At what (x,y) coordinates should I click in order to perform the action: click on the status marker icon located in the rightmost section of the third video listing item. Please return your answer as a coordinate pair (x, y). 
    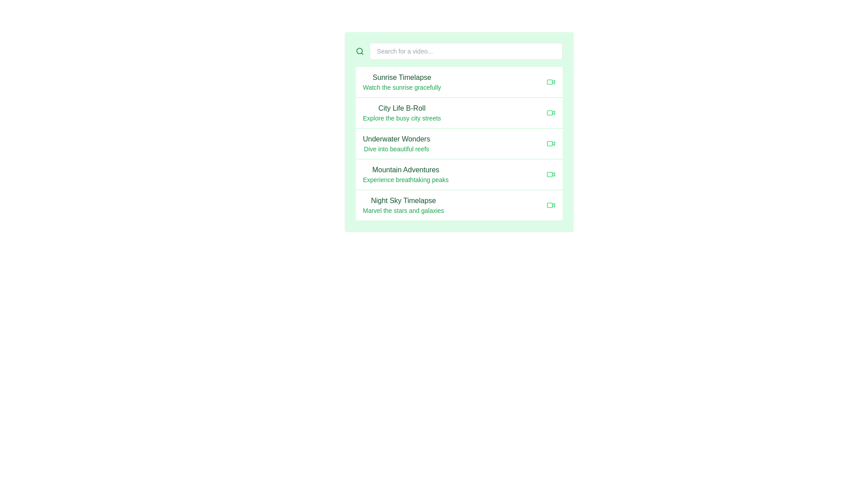
    Looking at the image, I should click on (549, 143).